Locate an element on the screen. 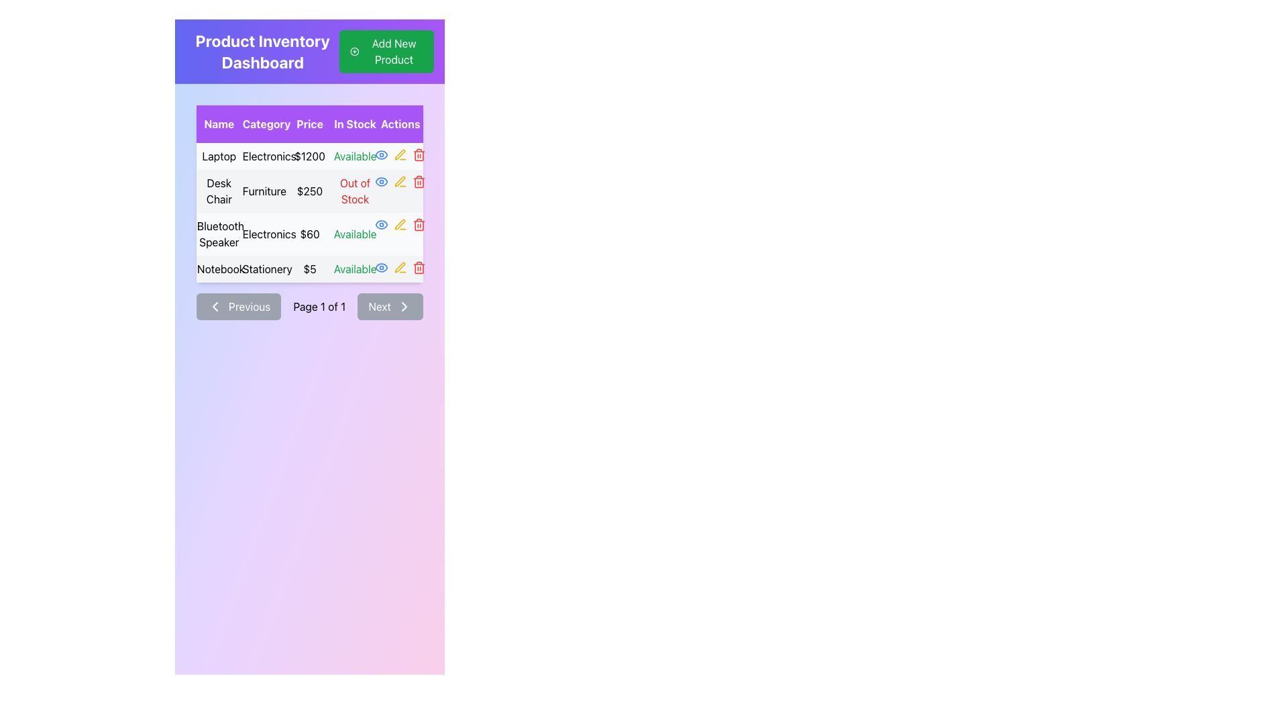  the text label indicating stock availability status, which shows 'Available' in the 'In Stock' column of the main table, located after the price '$5' and before the action buttons is located at coordinates (355, 269).